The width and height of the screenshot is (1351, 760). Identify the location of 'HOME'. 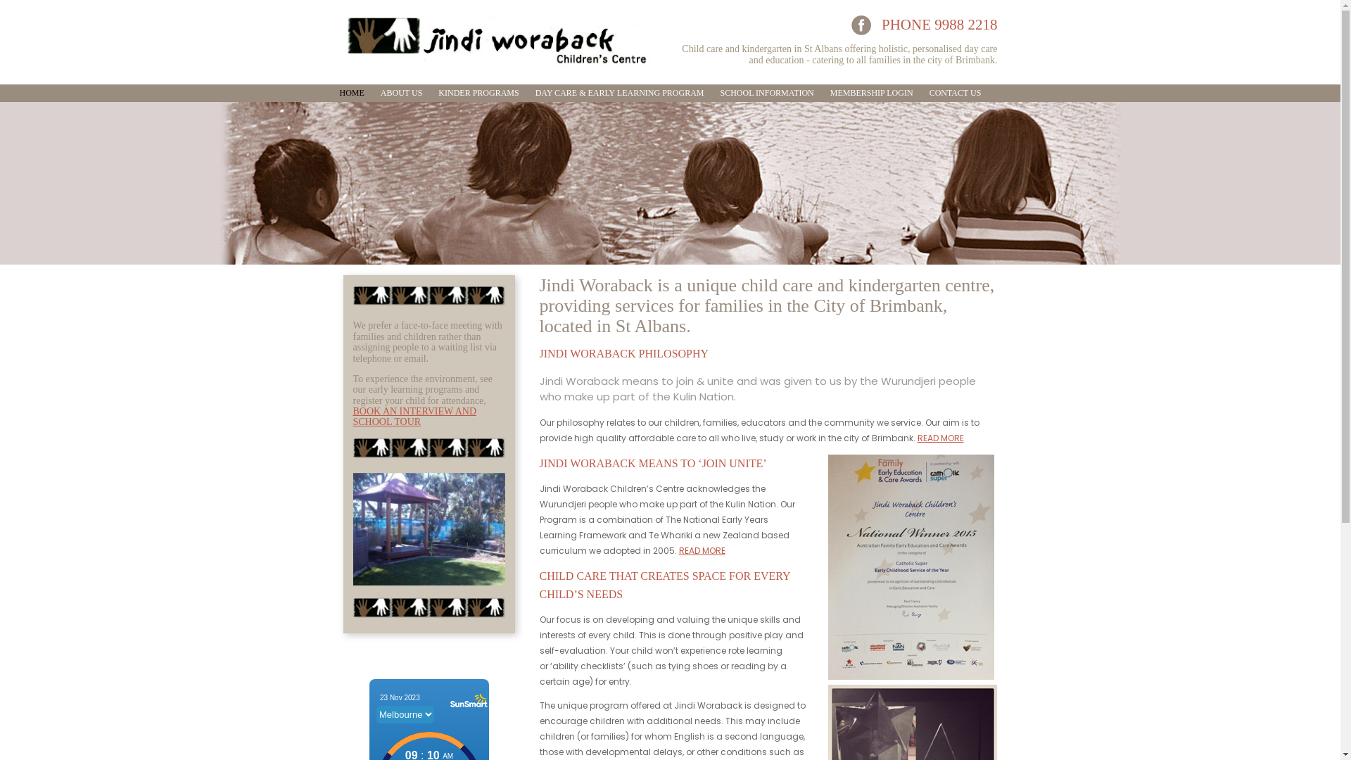
(351, 93).